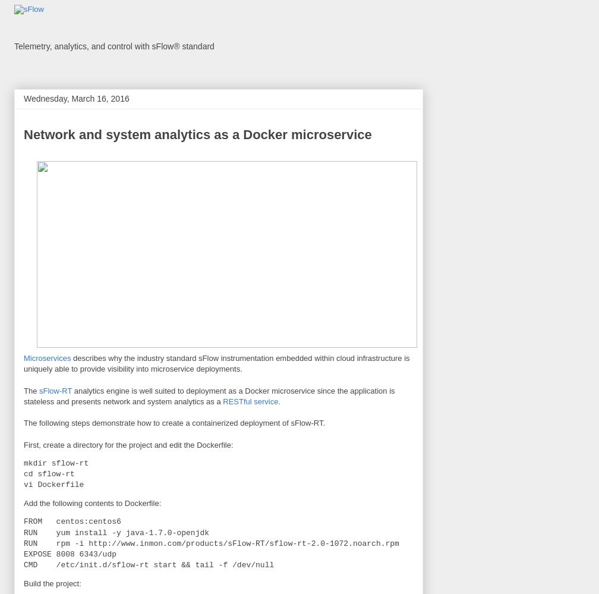  Describe the element at coordinates (250, 401) in the screenshot. I see `'RESTful service'` at that location.